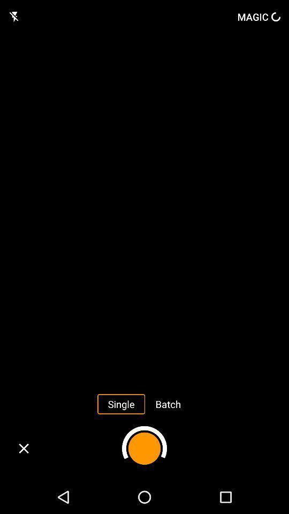 This screenshot has height=514, width=289. What do you see at coordinates (258, 16) in the screenshot?
I see `magic icon` at bounding box center [258, 16].